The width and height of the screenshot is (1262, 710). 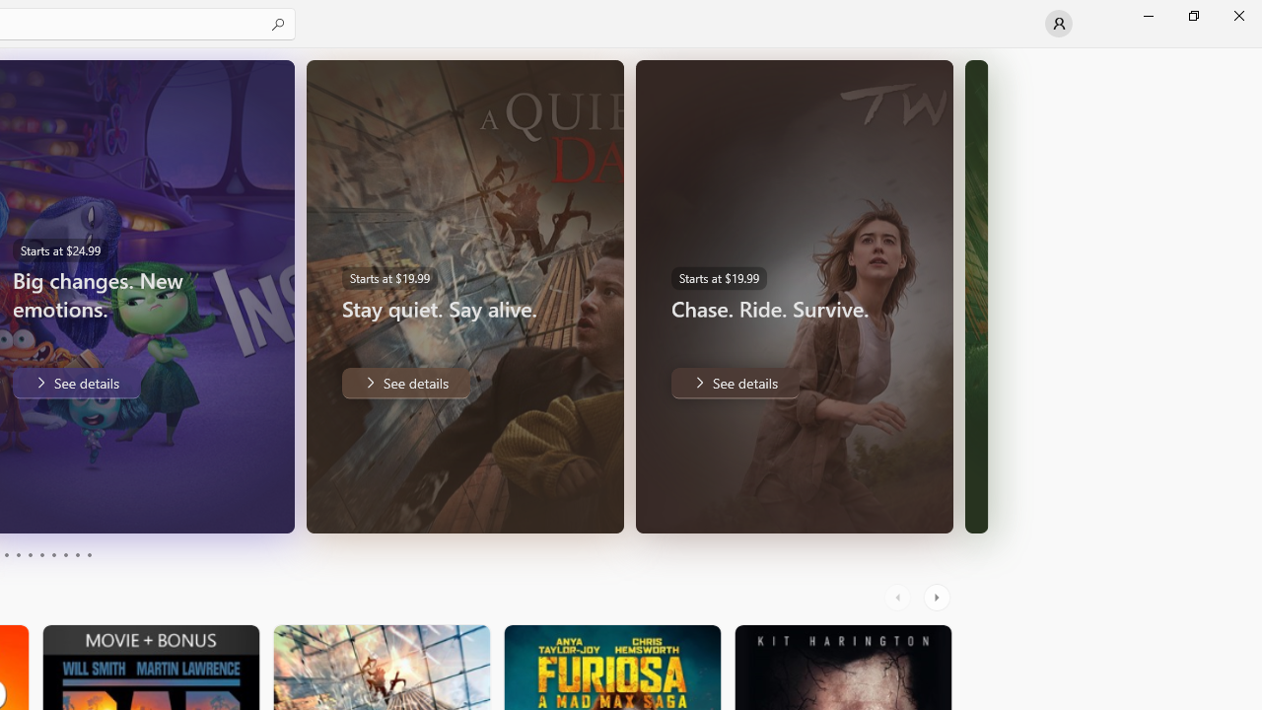 What do you see at coordinates (1192, 15) in the screenshot?
I see `'Restore Microsoft Store'` at bounding box center [1192, 15].